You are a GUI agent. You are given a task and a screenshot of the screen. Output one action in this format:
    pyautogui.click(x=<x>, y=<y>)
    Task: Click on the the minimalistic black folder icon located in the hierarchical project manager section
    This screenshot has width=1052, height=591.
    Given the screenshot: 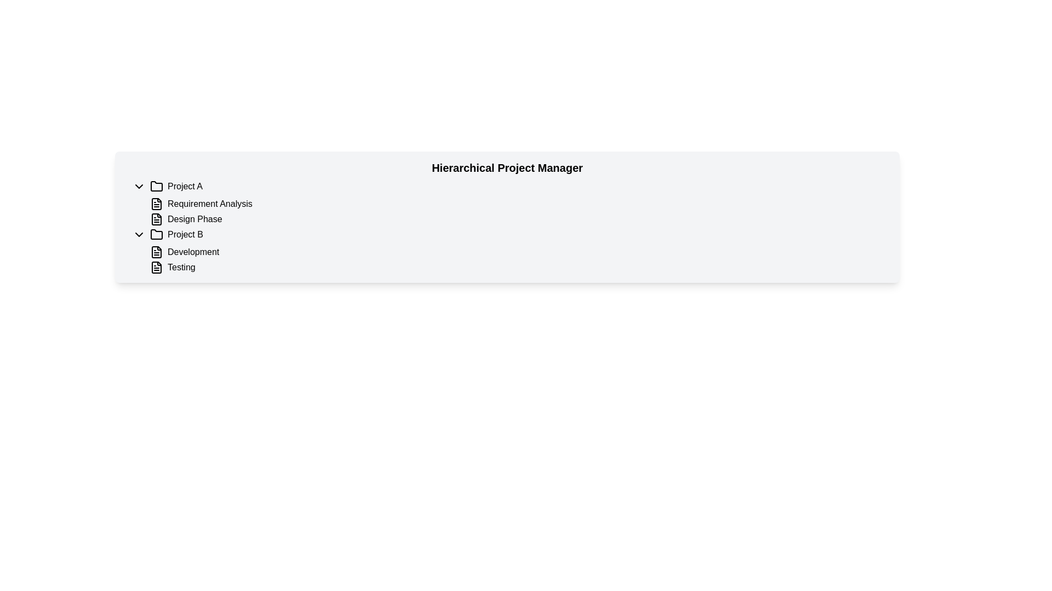 What is the action you would take?
    pyautogui.click(x=156, y=234)
    